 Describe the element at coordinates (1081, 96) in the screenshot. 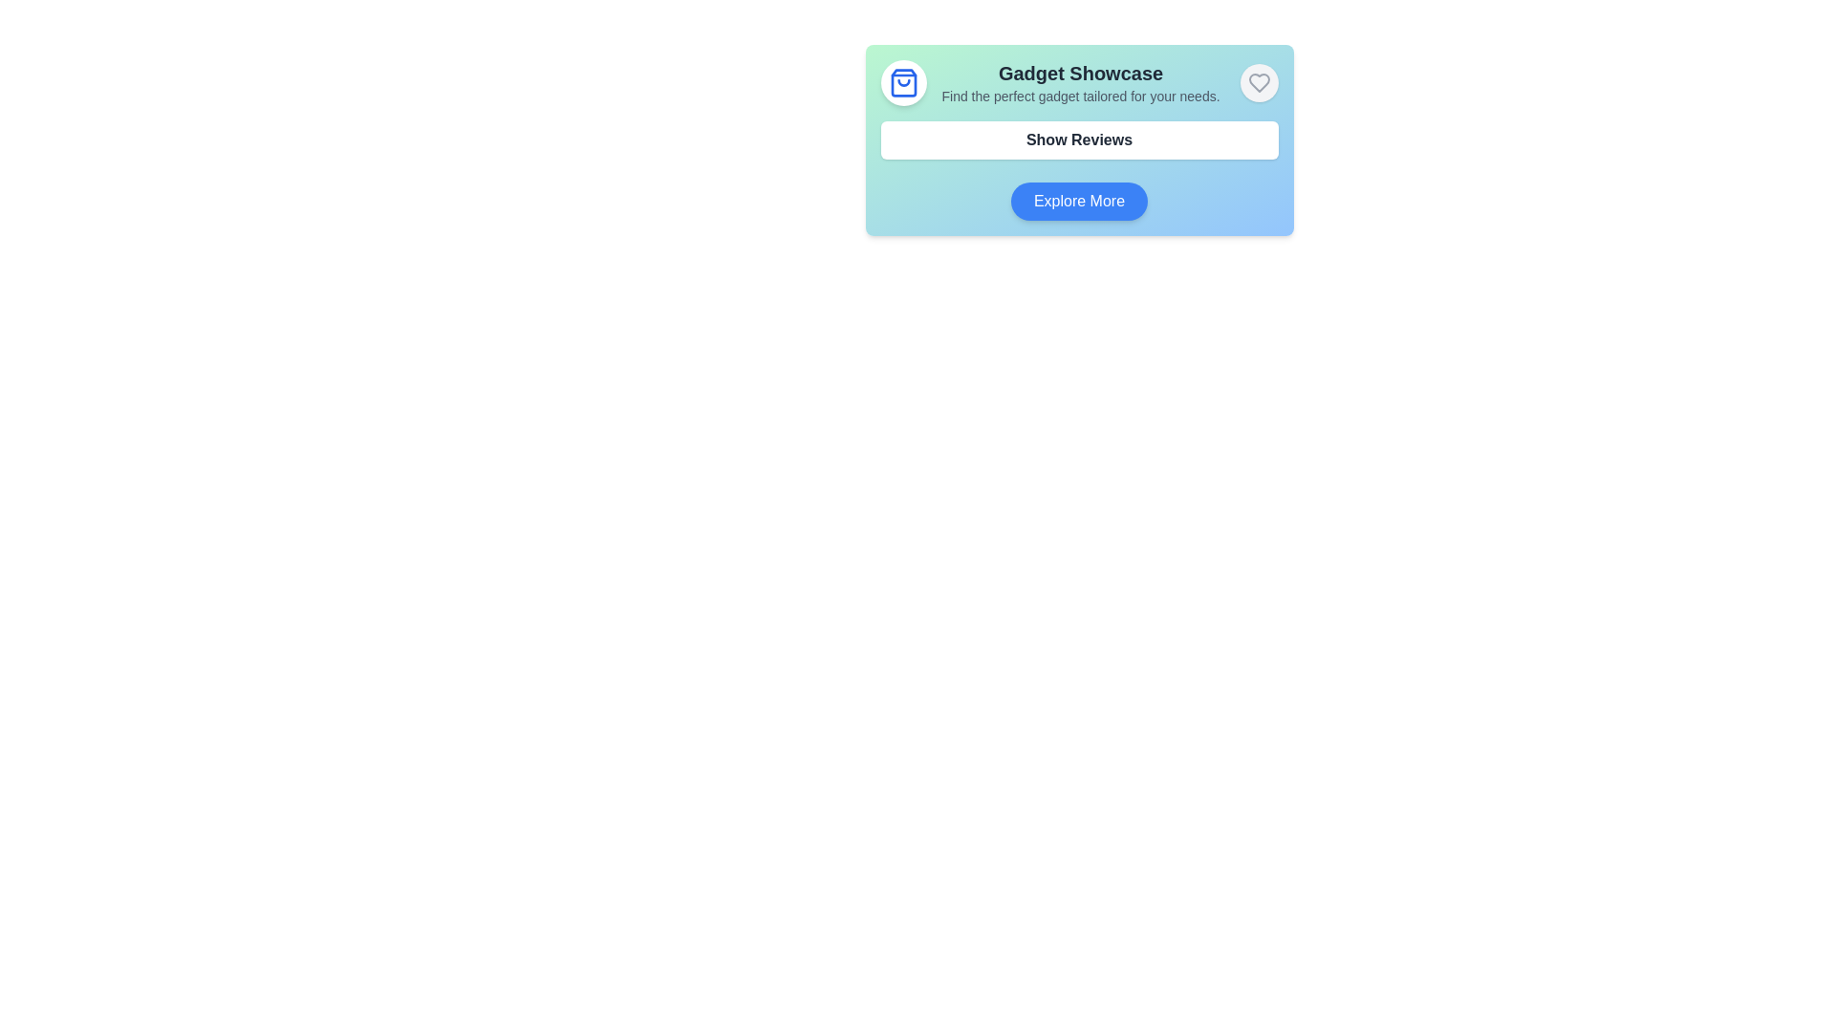

I see `the static text element that provides additional context for the 'Gadget Showcase' section, located directly below the title in the same column layout` at that location.